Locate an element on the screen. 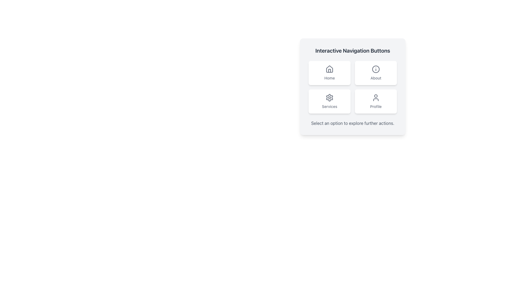 The image size is (517, 290). the rectangular button with a white background, rounded corners, containing a user icon and the text label 'Profile' is located at coordinates (376, 102).